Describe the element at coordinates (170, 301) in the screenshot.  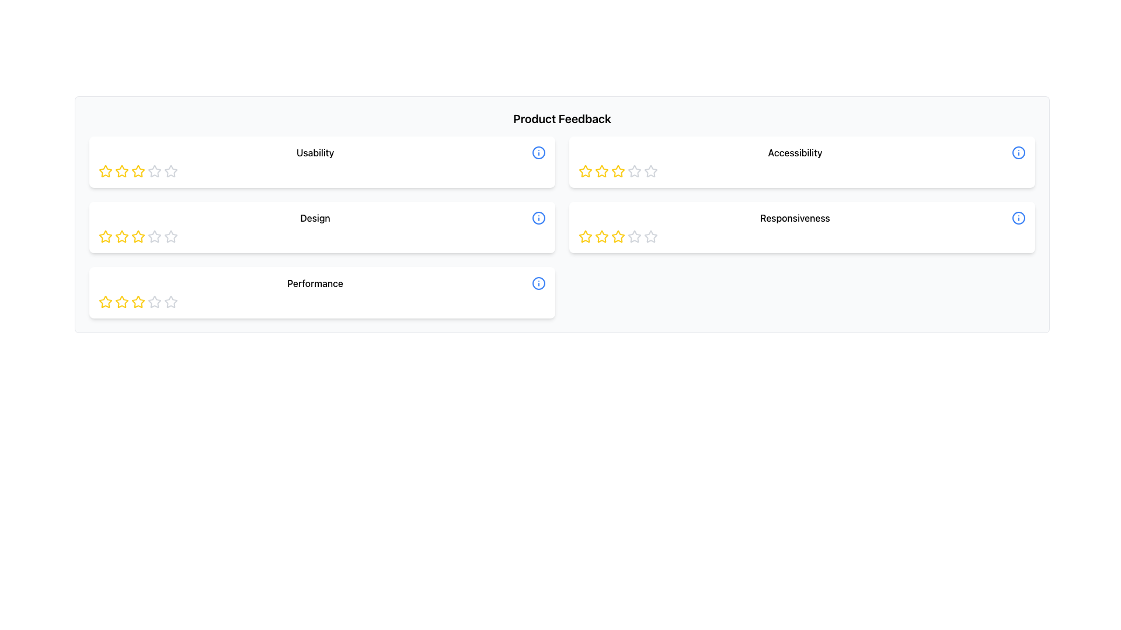
I see `the fourth star in the rating row under the 'Performance' category` at that location.